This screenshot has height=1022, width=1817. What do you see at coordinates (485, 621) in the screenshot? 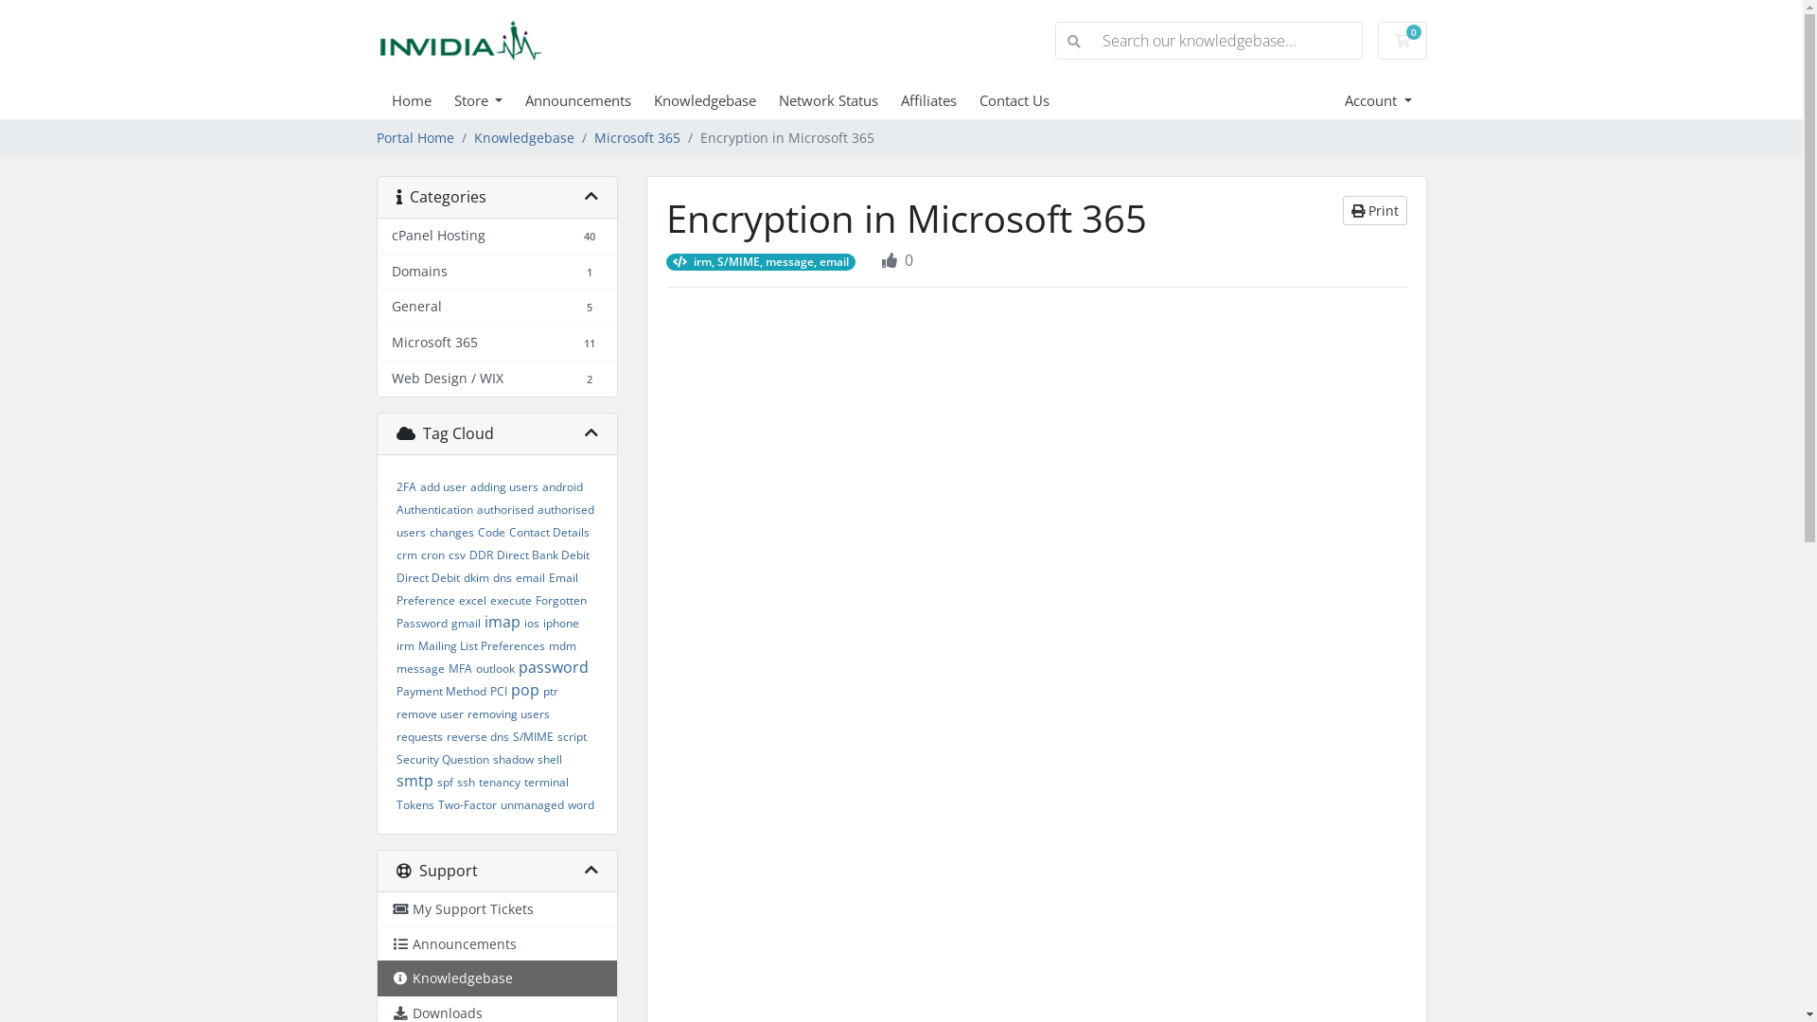
I see `'imap'` at bounding box center [485, 621].